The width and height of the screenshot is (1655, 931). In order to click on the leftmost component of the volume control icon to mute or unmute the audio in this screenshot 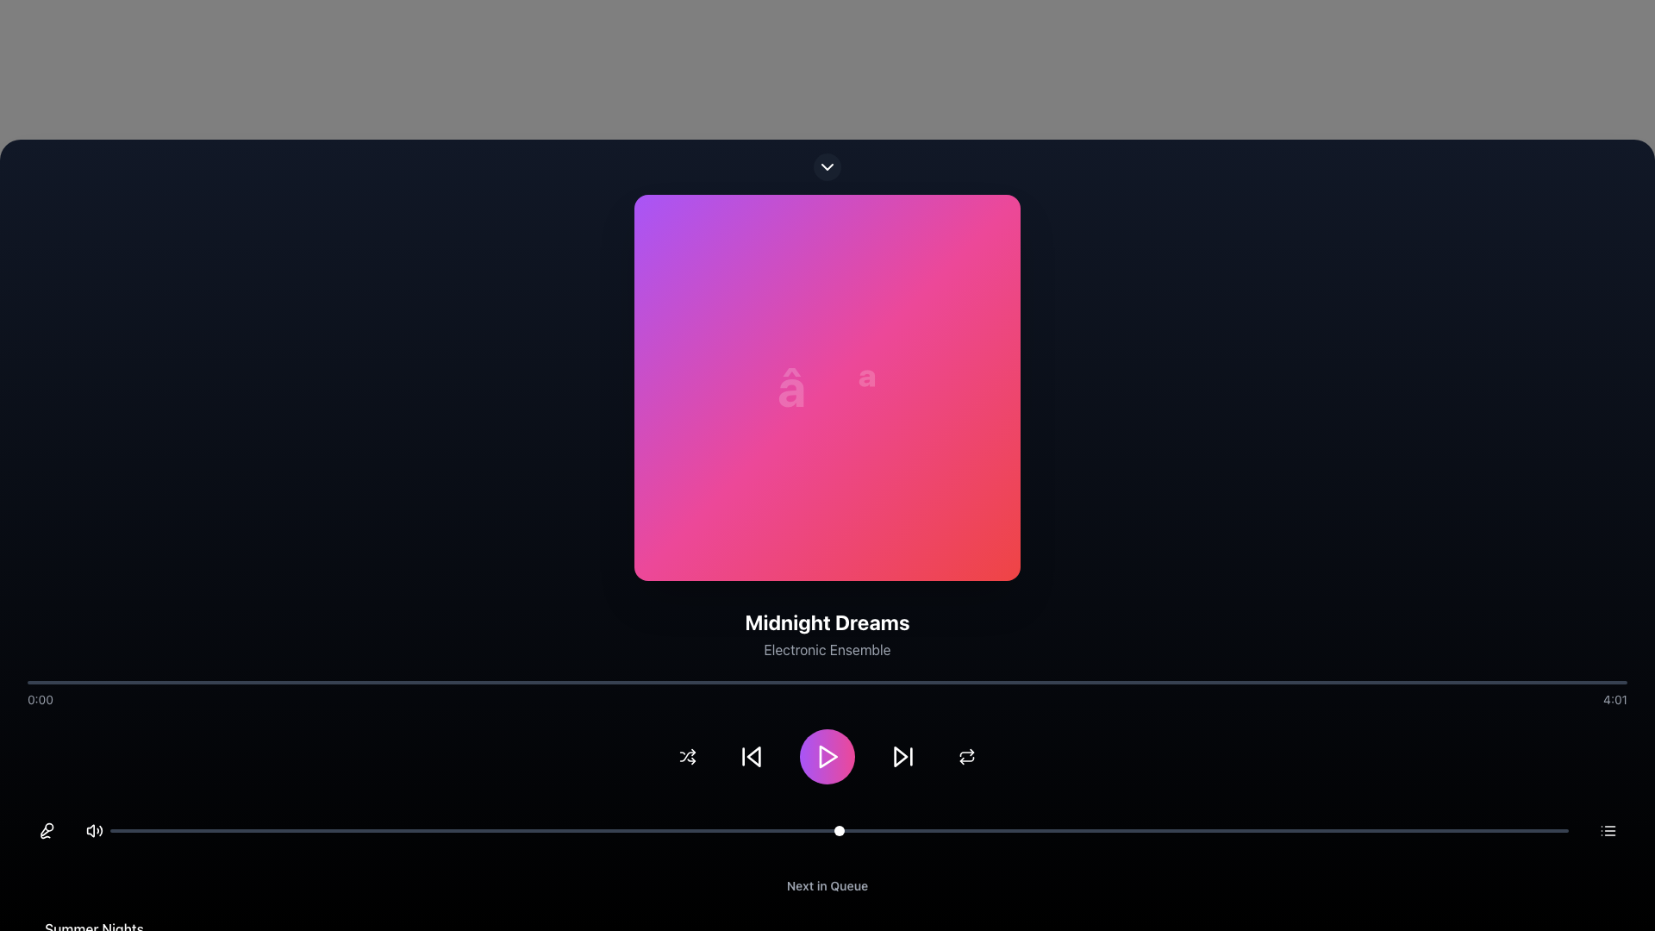, I will do `click(90, 830)`.